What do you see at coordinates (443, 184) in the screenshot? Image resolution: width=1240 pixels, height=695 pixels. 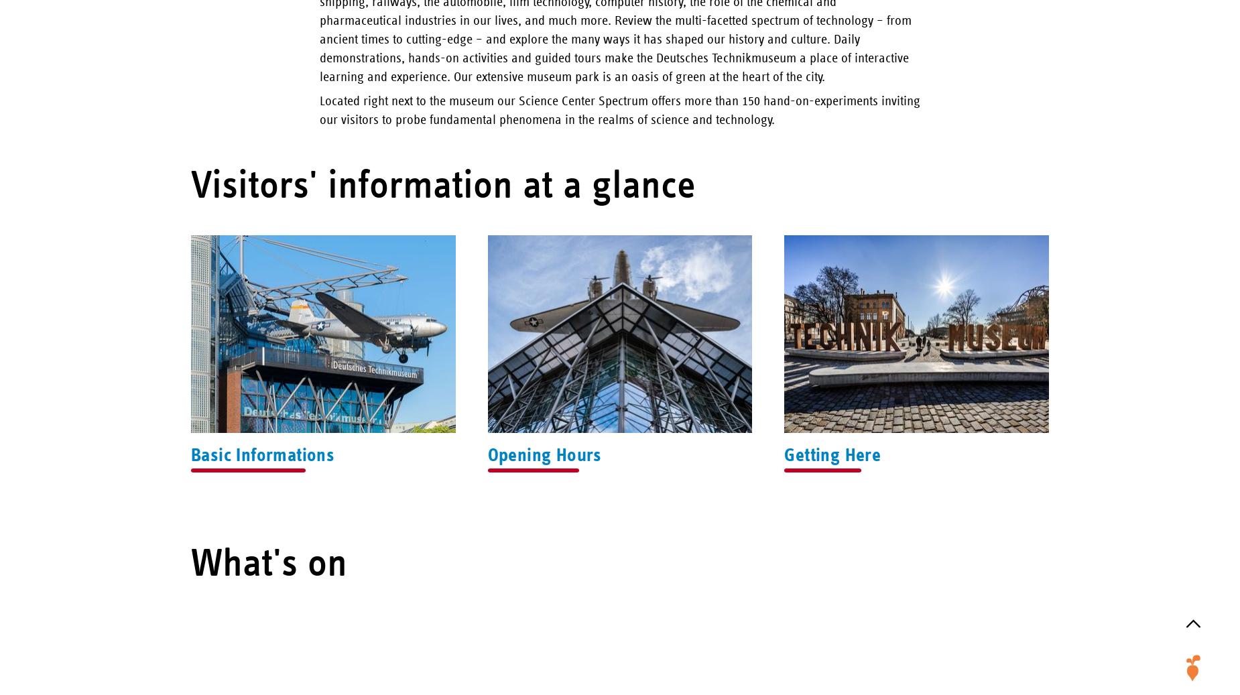 I see `'Visitors' information at a glance'` at bounding box center [443, 184].